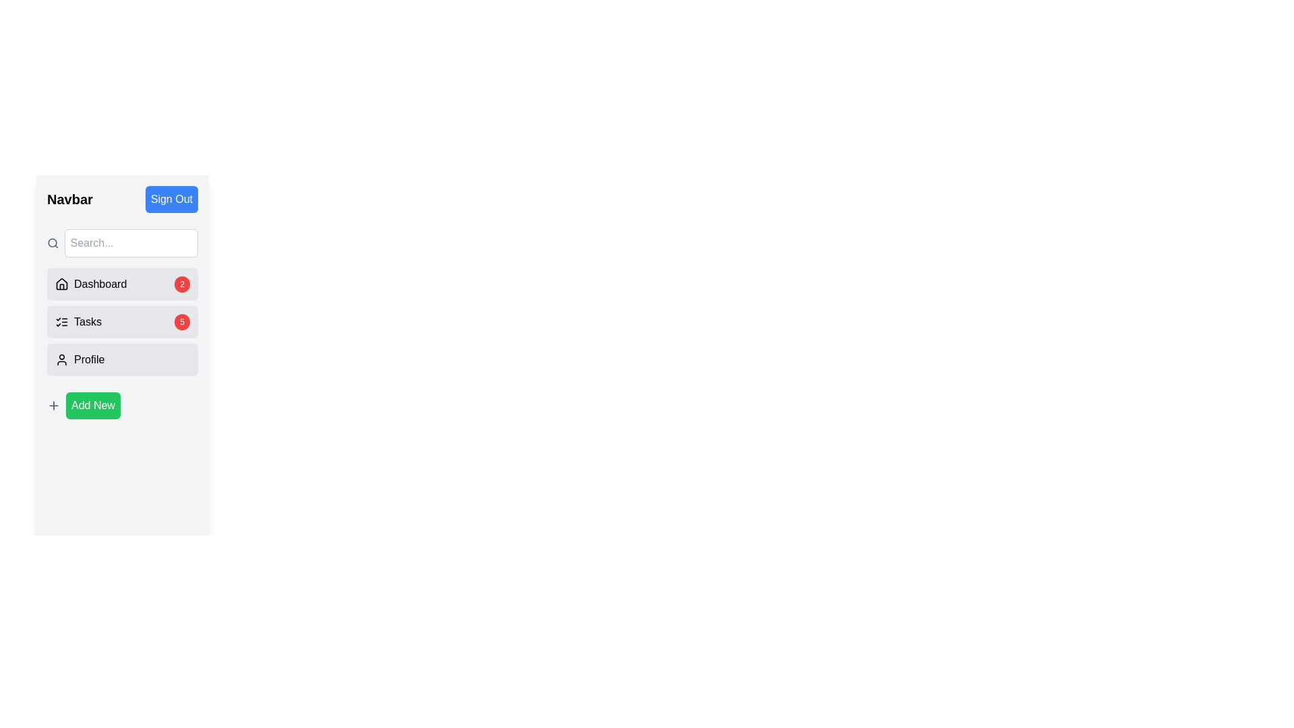  What do you see at coordinates (123, 322) in the screenshot?
I see `the 'Tasks' button-like menu item, which is a horizontally aligned bar with a light gray background, rounded corners, and a red circular badge with the number '5', to observe any tooltip or styling changes` at bounding box center [123, 322].